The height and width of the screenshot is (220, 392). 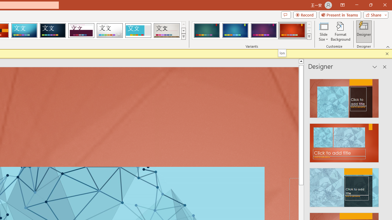 What do you see at coordinates (235, 31) in the screenshot?
I see `'Ion Variant 2'` at bounding box center [235, 31].